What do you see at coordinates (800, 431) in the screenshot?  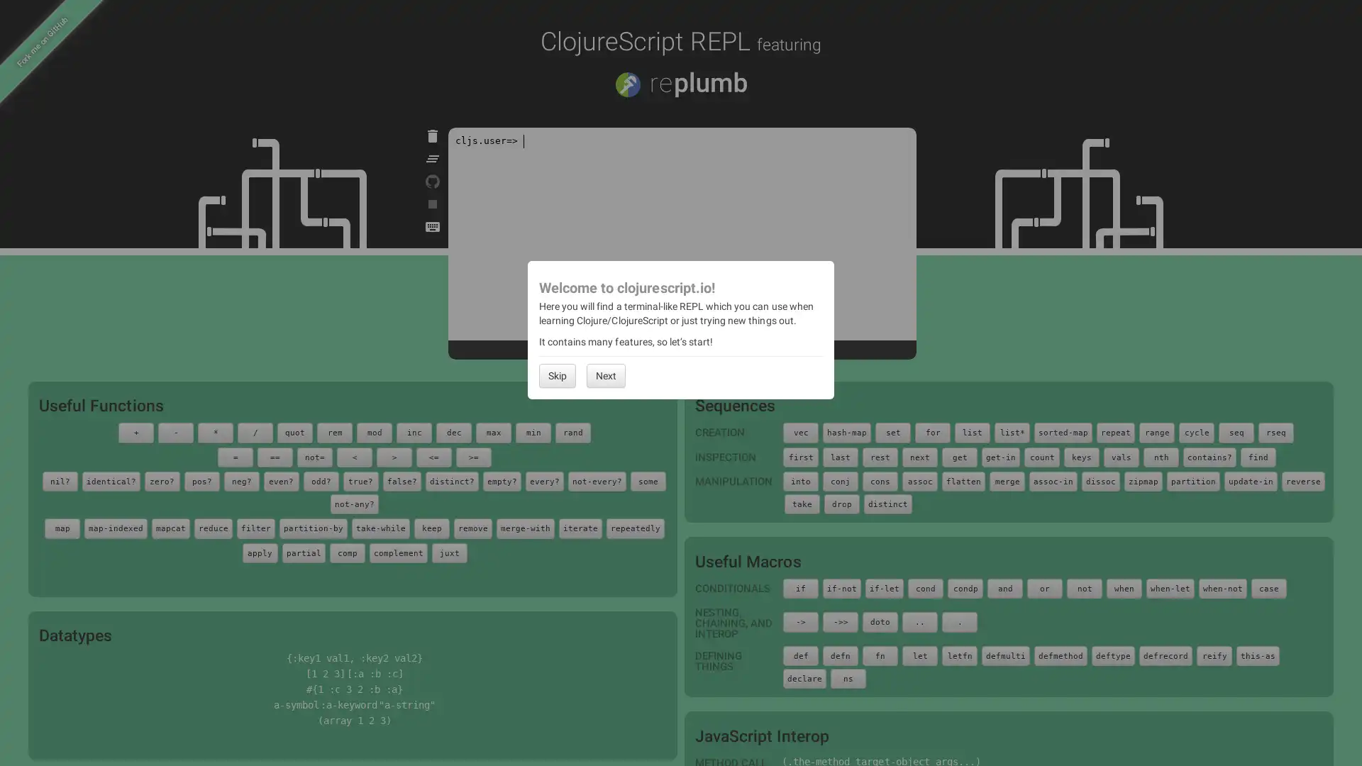 I see `vec` at bounding box center [800, 431].